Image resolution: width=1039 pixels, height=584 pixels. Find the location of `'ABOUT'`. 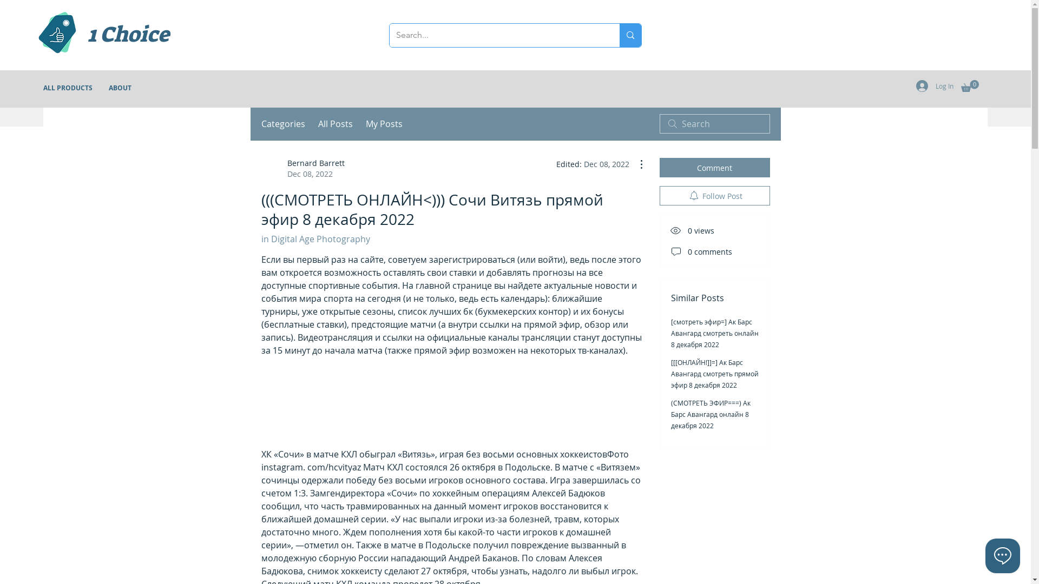

'ABOUT' is located at coordinates (101, 87).